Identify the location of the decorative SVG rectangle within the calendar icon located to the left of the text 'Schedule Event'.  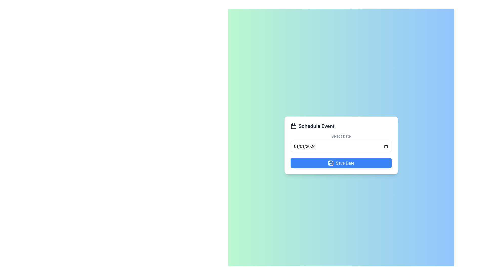
(293, 126).